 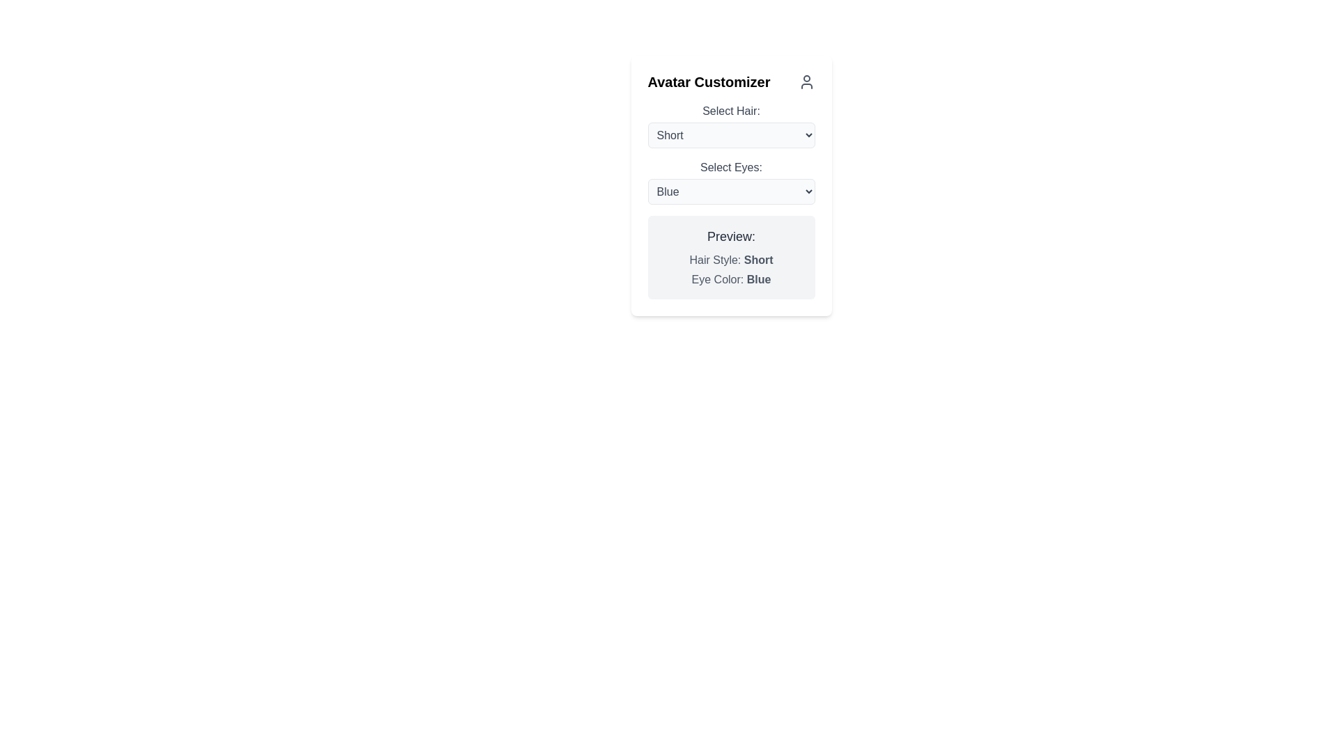 I want to click on the static text label displaying the hairstyle option summary located under 'Preview:' in the 'Avatar Customizer', so click(x=730, y=260).